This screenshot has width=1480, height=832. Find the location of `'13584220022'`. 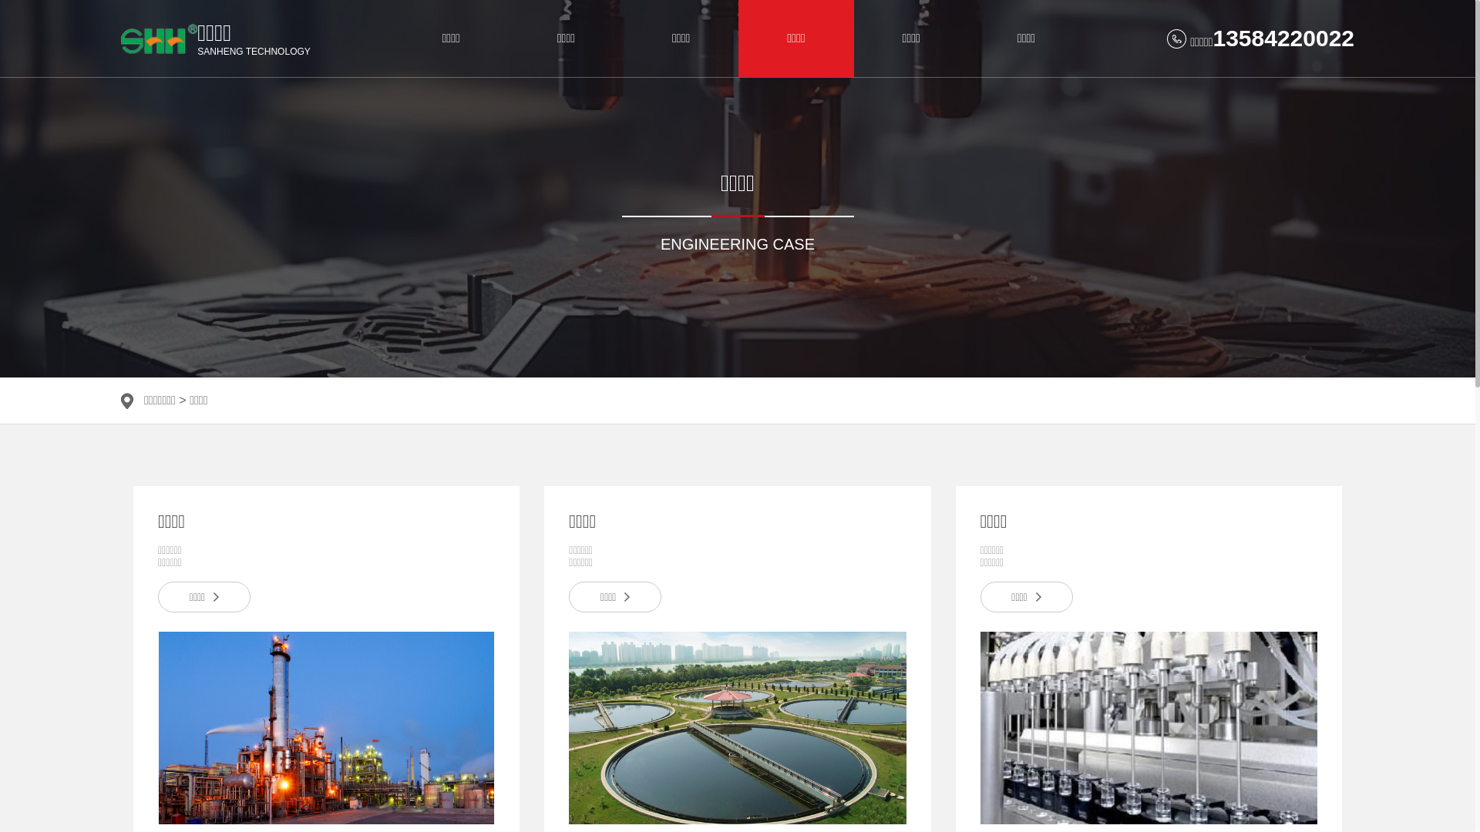

'13584220022' is located at coordinates (1283, 37).